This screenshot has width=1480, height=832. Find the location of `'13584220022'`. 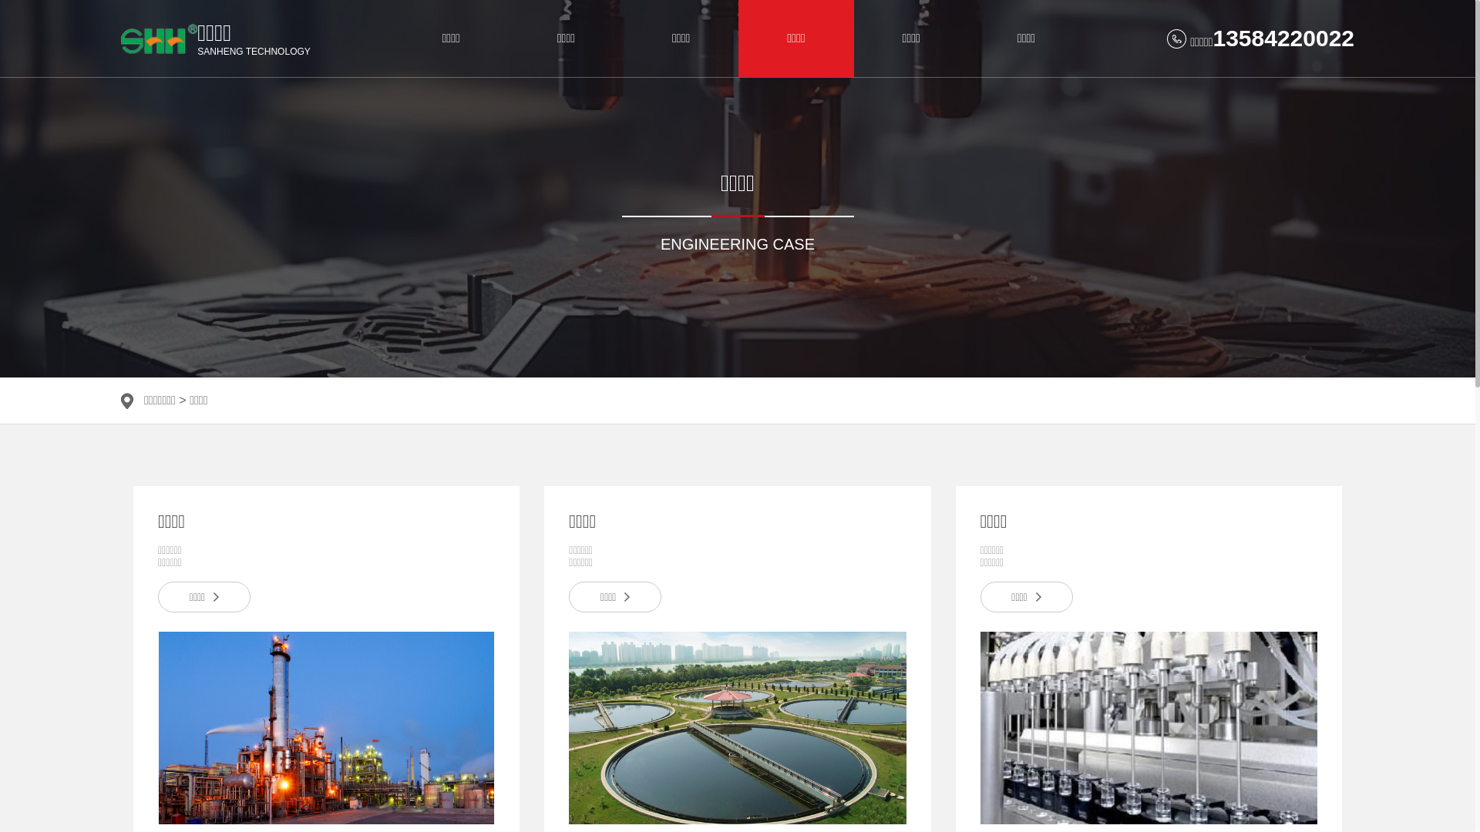

'13584220022' is located at coordinates (1283, 37).